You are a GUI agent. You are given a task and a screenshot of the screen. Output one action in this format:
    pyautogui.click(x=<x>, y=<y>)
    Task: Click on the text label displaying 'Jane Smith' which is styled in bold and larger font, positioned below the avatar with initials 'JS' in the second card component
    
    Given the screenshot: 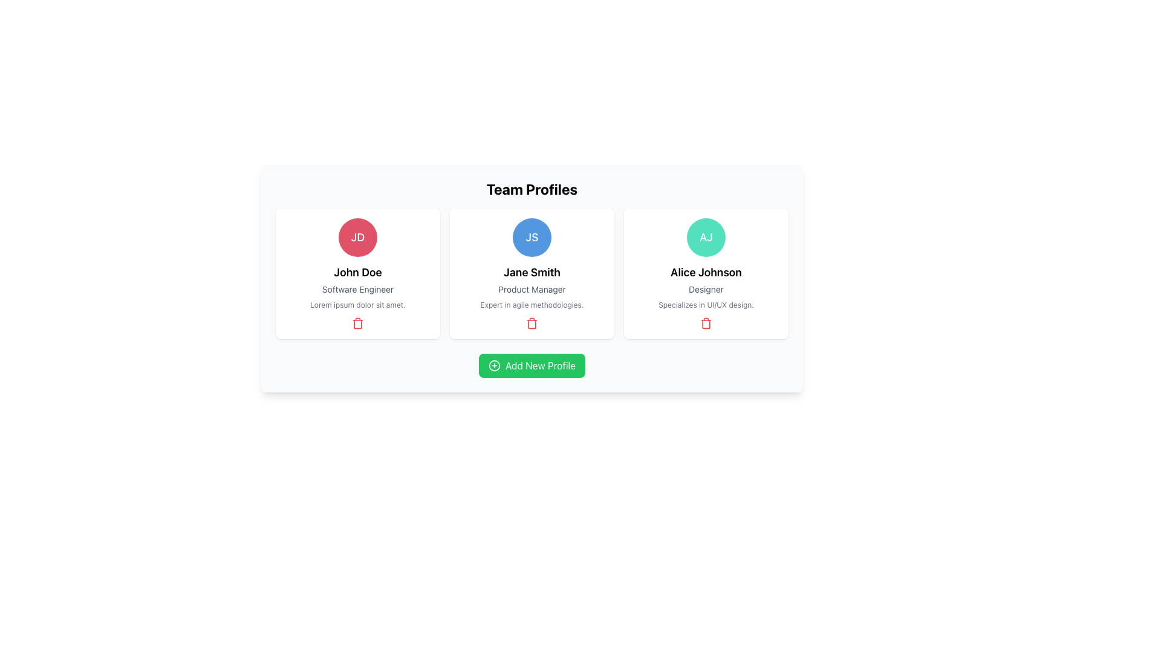 What is the action you would take?
    pyautogui.click(x=532, y=273)
    